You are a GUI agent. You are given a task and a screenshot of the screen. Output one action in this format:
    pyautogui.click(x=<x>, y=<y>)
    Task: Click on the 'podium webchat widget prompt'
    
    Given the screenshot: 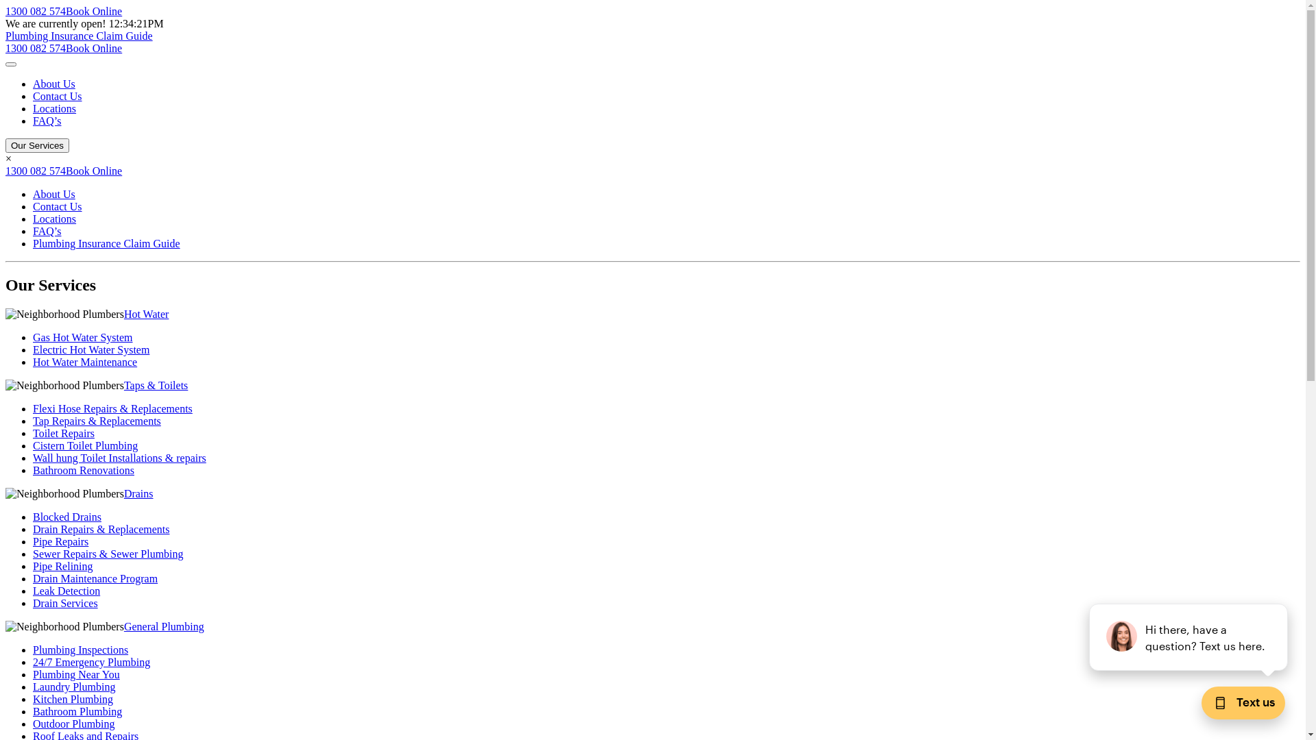 What is the action you would take?
    pyautogui.click(x=1188, y=637)
    